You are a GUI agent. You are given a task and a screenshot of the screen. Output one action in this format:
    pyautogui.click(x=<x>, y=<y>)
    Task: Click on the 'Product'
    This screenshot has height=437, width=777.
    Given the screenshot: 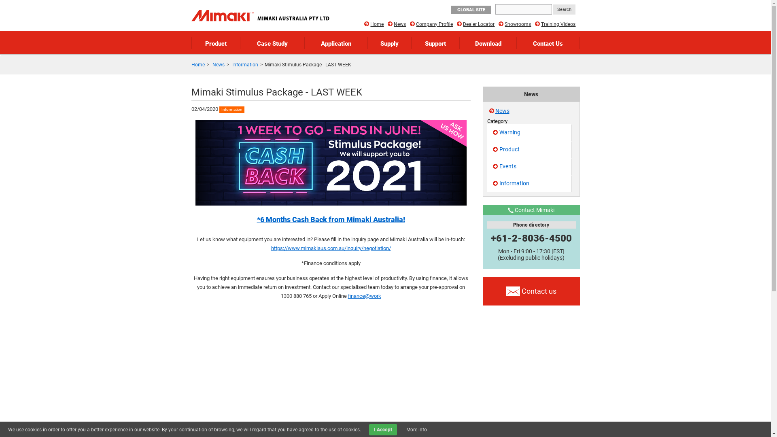 What is the action you would take?
    pyautogui.click(x=529, y=149)
    